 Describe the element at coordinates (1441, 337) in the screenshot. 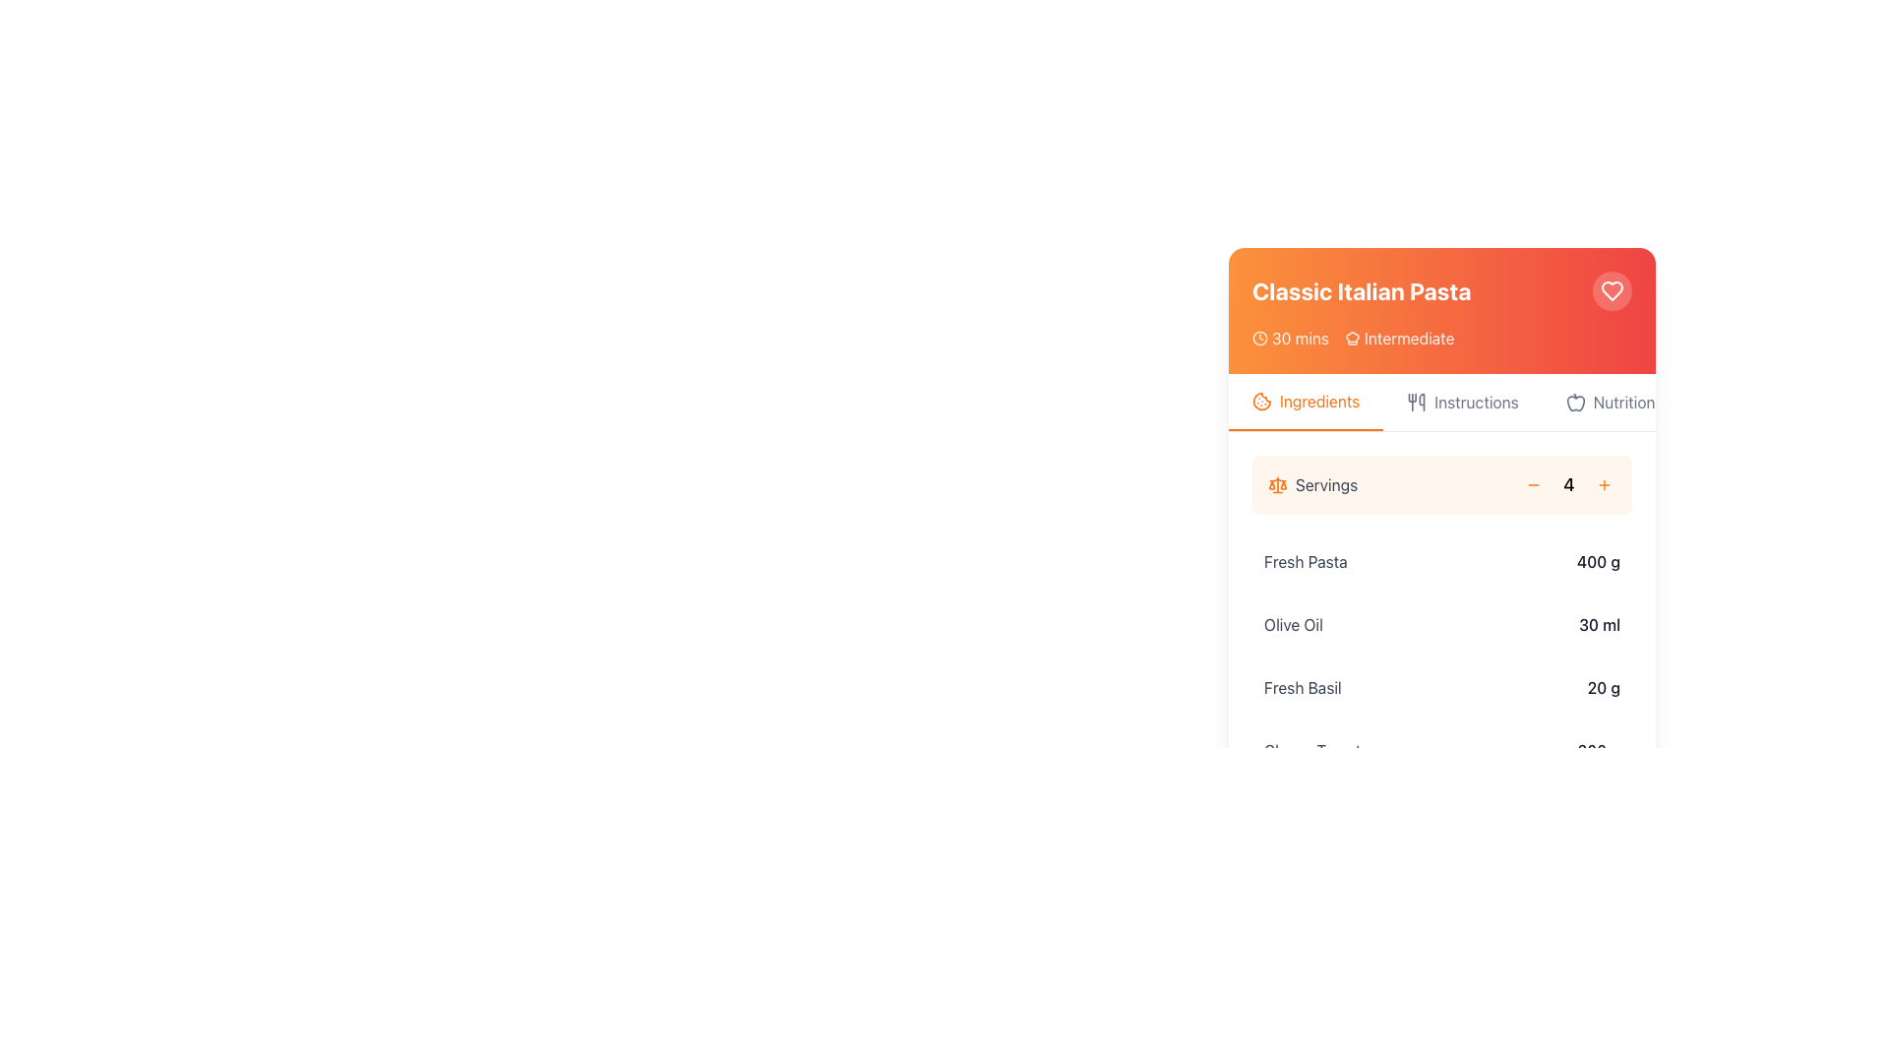

I see `the Text and Icons Group element displaying '30 mins' and 'Intermediate' beneath the title 'Classic Italian Pasta' for interaction` at that location.